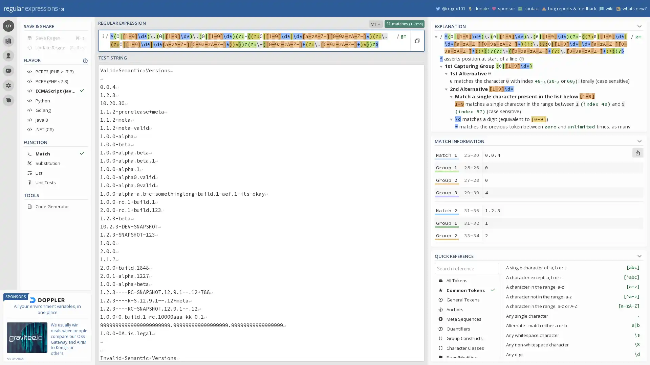 The height and width of the screenshot is (365, 650). Describe the element at coordinates (56, 100) in the screenshot. I see `Python` at that location.